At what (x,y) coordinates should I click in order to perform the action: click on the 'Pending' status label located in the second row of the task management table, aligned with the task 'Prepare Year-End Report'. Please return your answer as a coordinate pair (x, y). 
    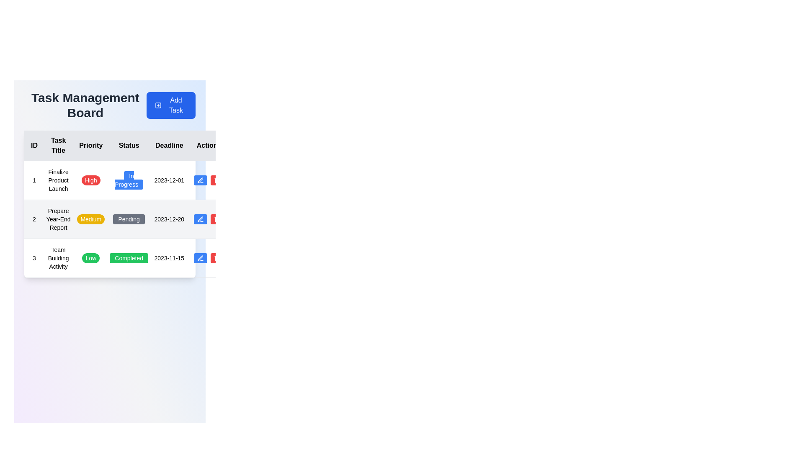
    Looking at the image, I should click on (129, 219).